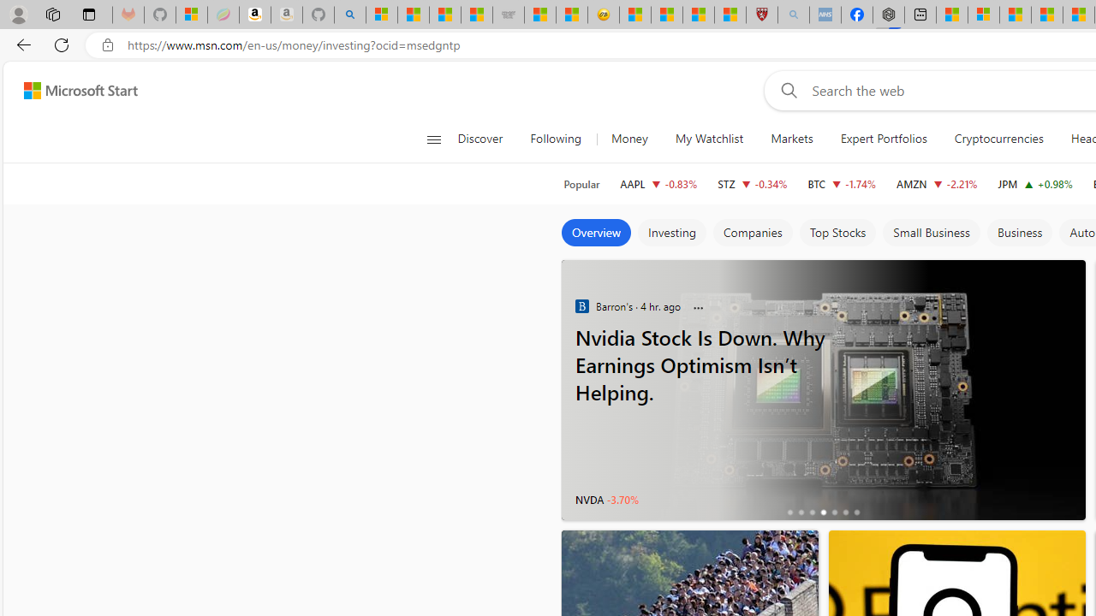 The width and height of the screenshot is (1096, 616). What do you see at coordinates (107, 44) in the screenshot?
I see `'View site information'` at bounding box center [107, 44].